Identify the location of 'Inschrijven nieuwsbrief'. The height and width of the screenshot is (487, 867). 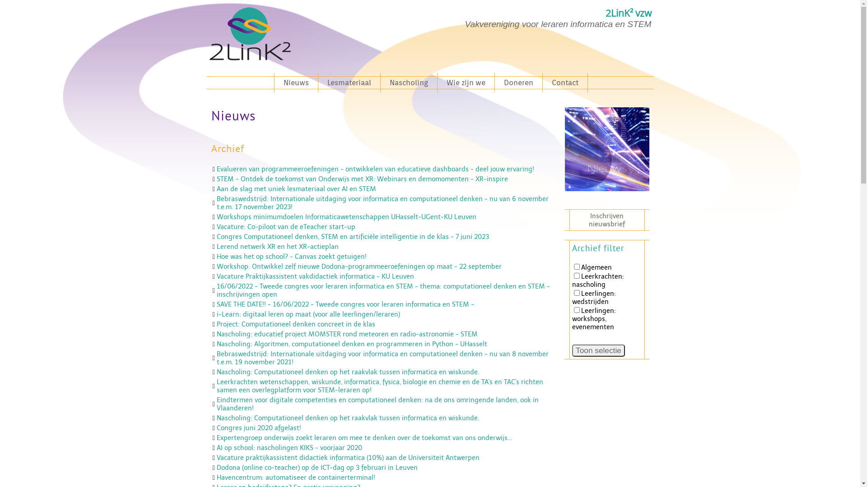
(607, 220).